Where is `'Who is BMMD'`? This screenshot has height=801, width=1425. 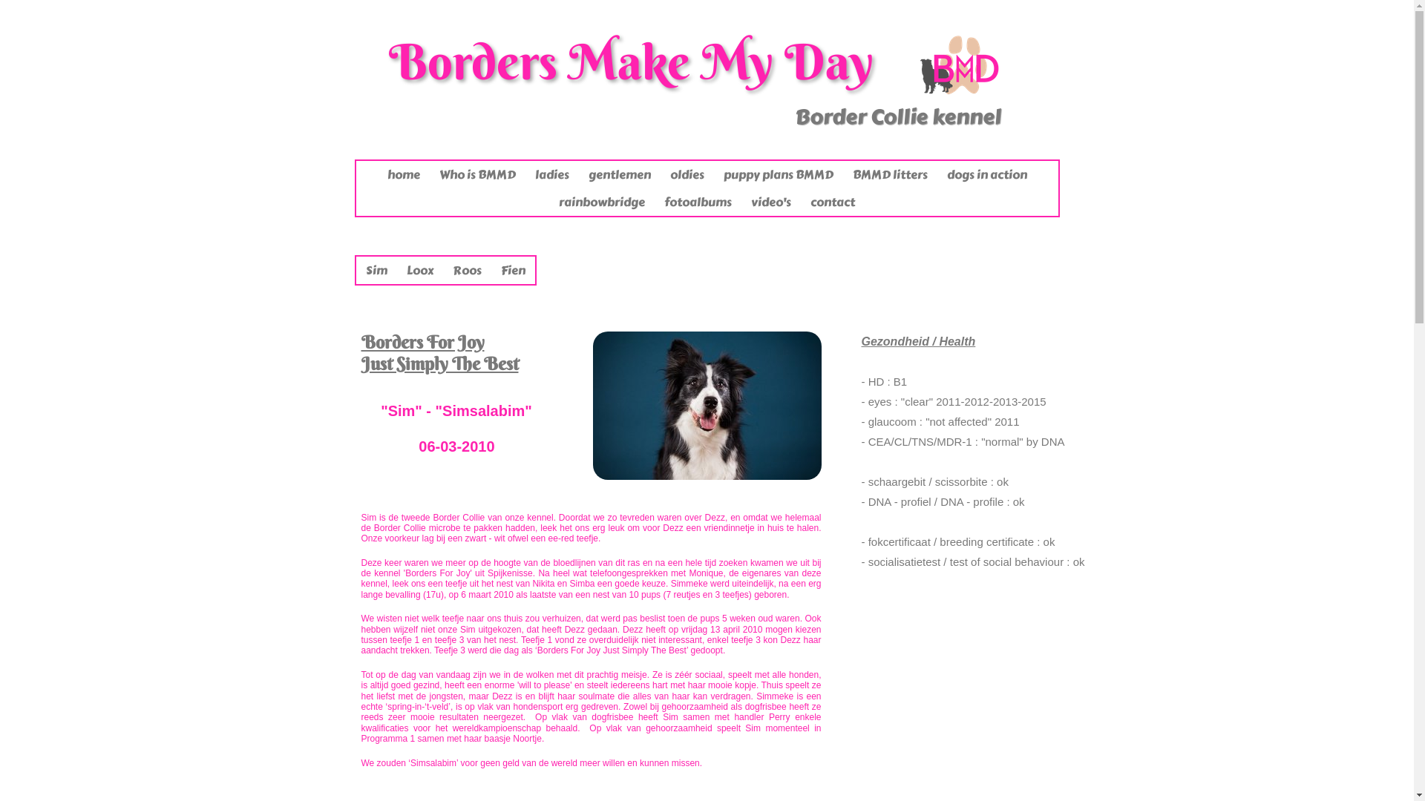
'Who is BMMD' is located at coordinates (476, 174).